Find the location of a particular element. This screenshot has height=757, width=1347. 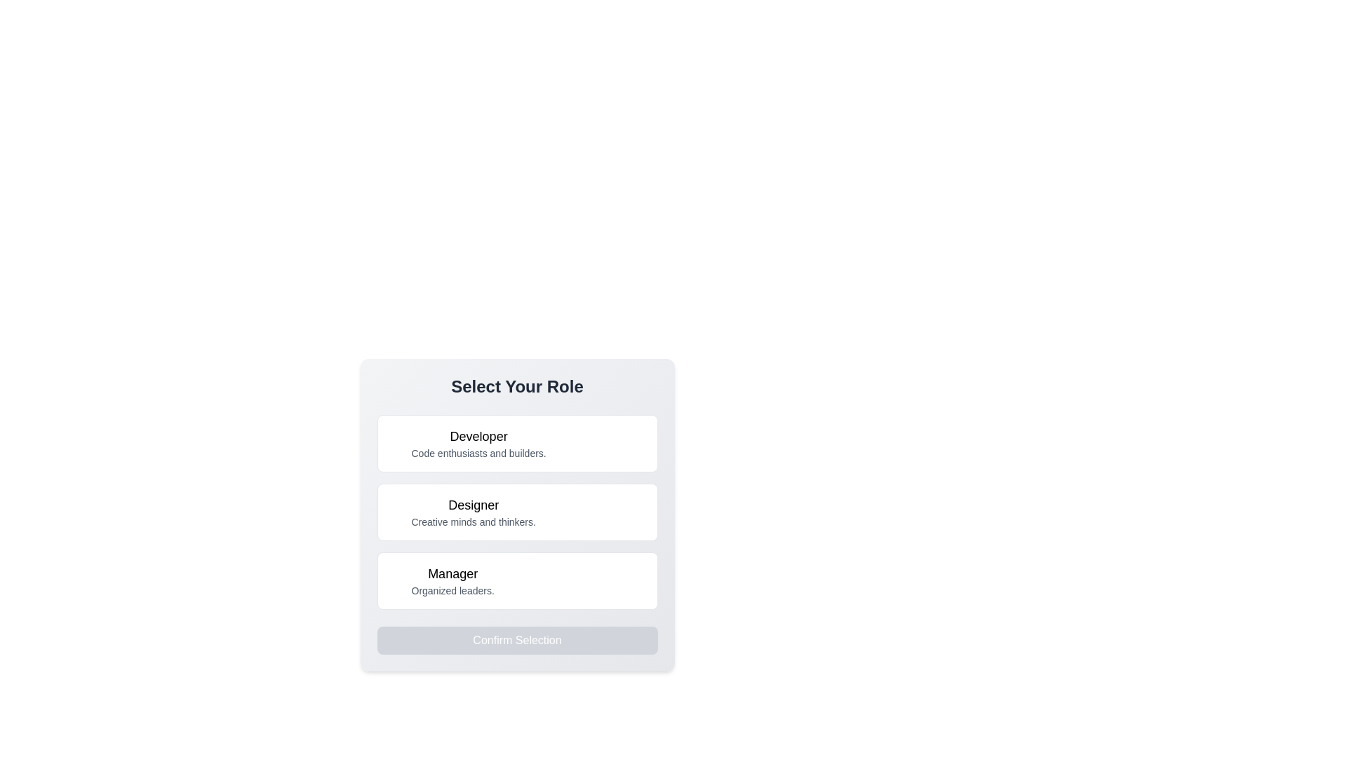

the 'Developer' card, which is a rectangular card with a white background and contains the title 'Developer' in bold at the top is located at coordinates (516, 443).